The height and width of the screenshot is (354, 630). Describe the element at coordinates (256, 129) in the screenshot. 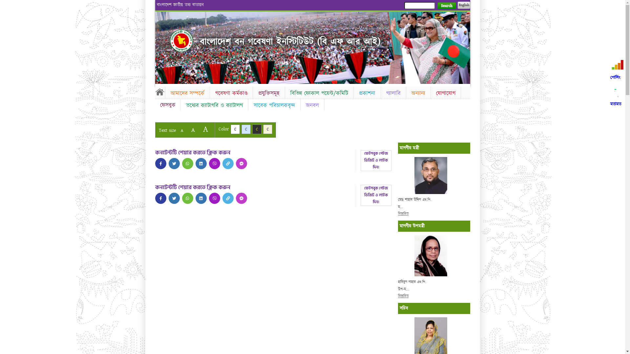

I see `'C'` at that location.